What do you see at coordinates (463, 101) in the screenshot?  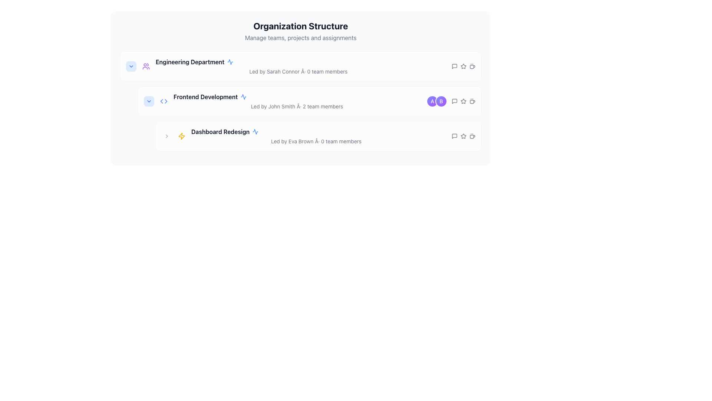 I see `the star-shaped icon representing the 'favorite' functionality` at bounding box center [463, 101].